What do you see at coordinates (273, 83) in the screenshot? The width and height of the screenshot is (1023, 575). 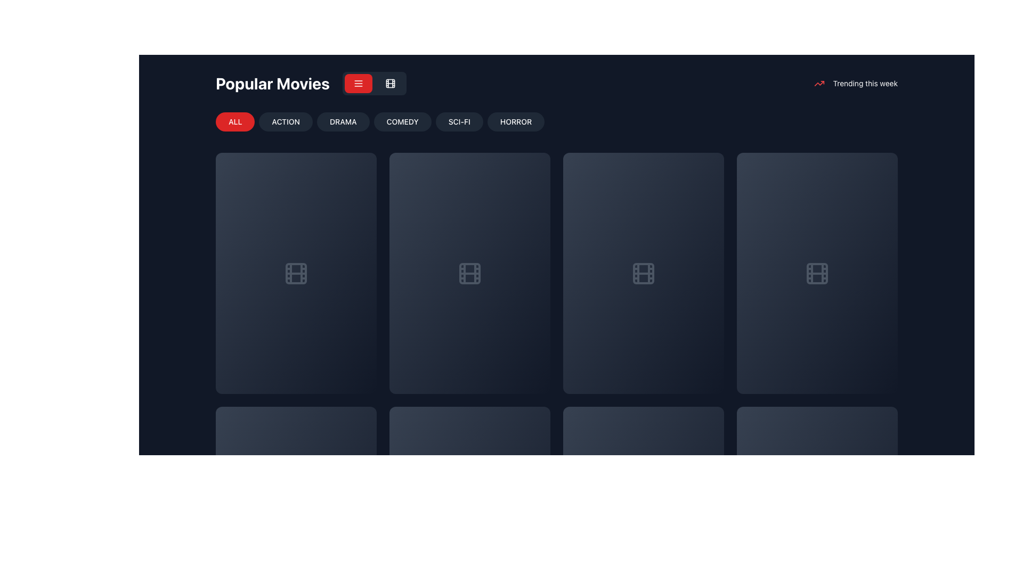 I see `text heading 'Popular Movies' which is prominently displayed at the top-left of the dark interface` at bounding box center [273, 83].